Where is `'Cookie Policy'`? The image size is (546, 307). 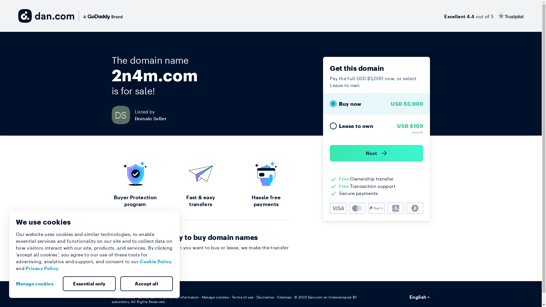 'Cookie Policy' is located at coordinates (156, 261).